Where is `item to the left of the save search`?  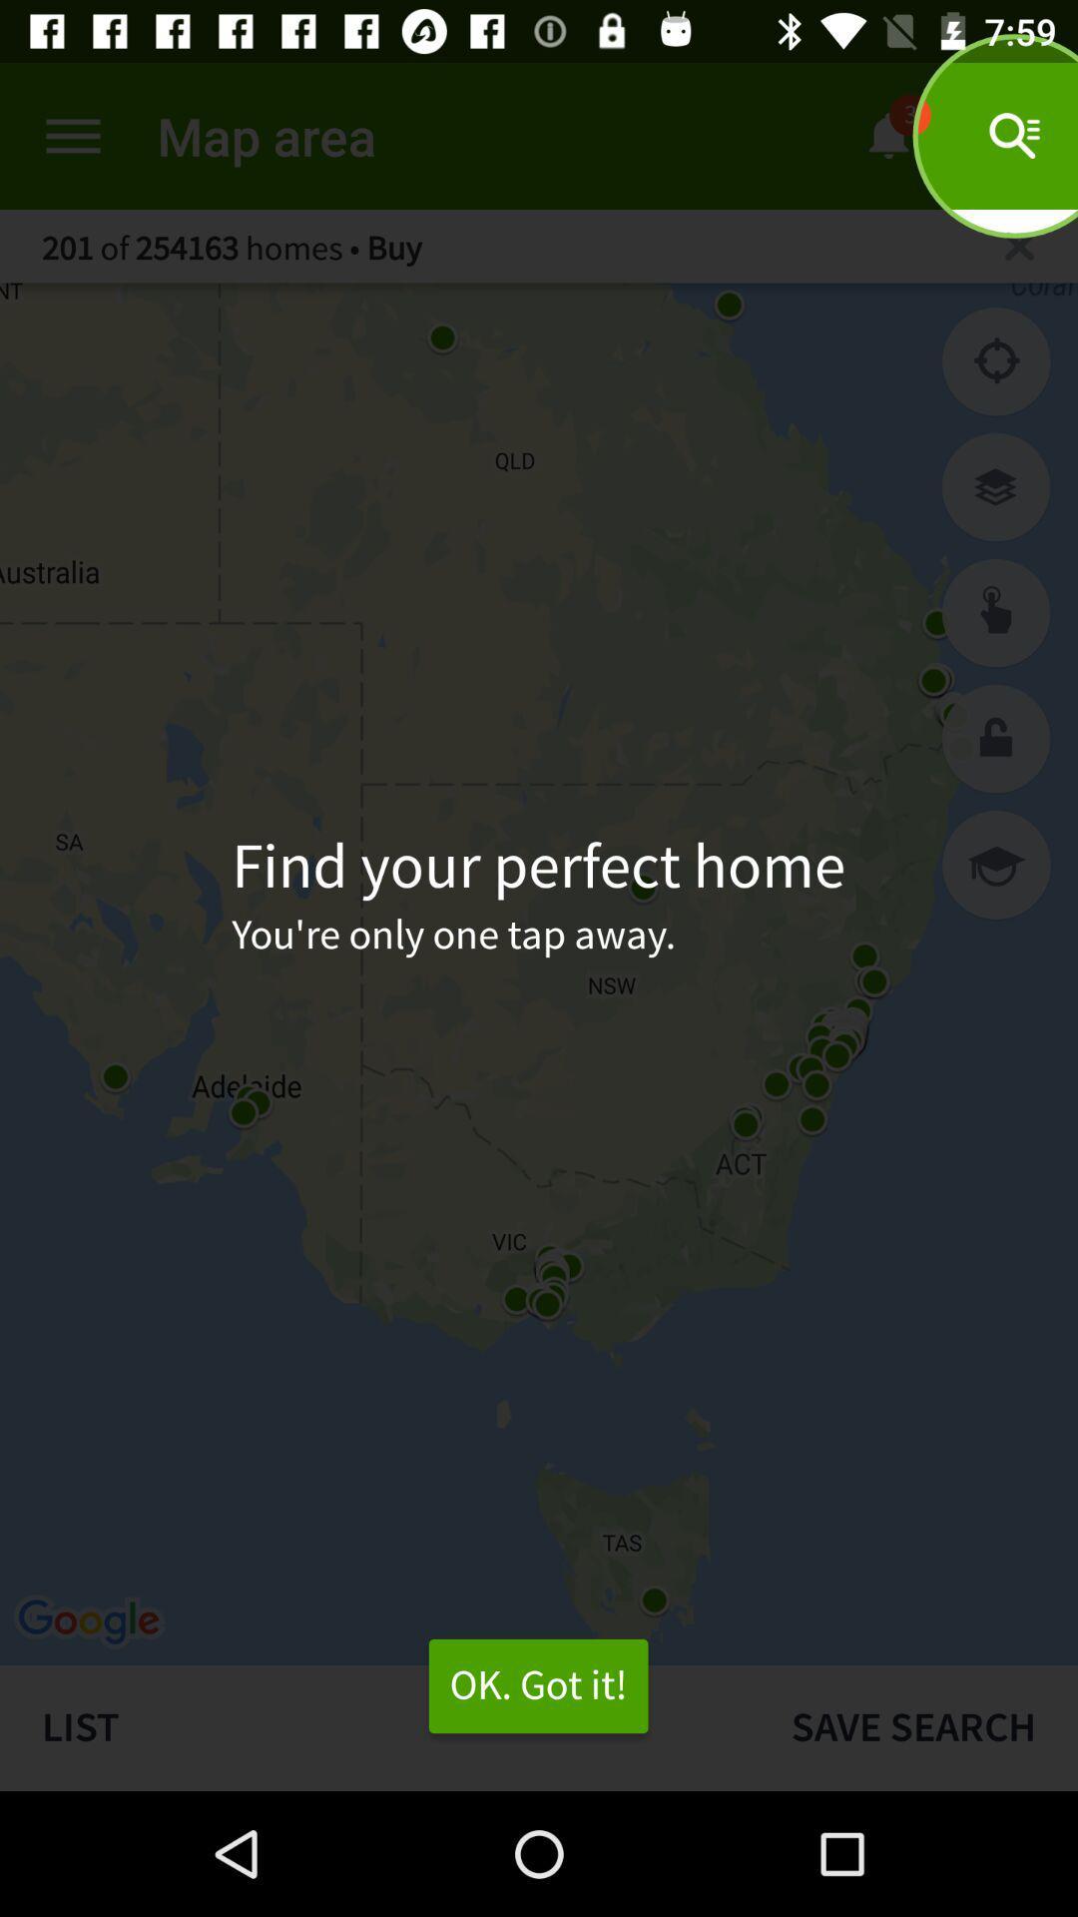 item to the left of the save search is located at coordinates (374, 1727).